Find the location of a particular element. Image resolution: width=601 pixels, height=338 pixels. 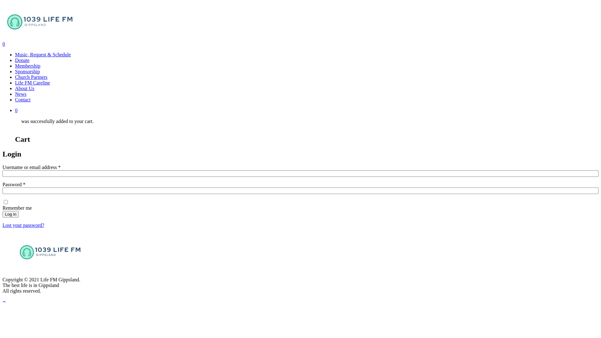

'News' is located at coordinates (21, 94).